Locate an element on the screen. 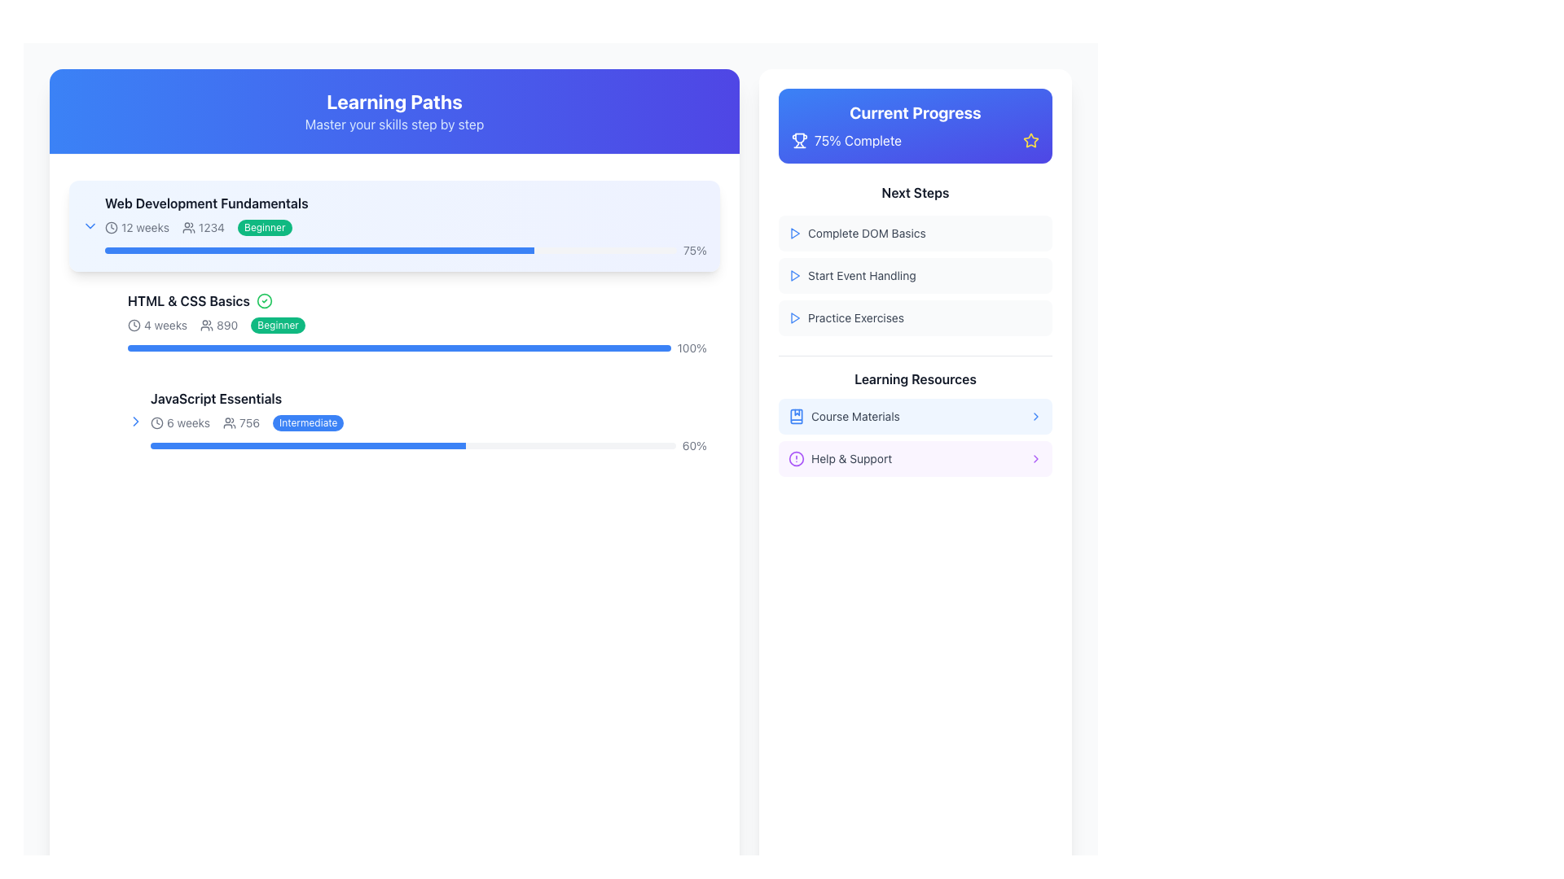 The image size is (1564, 879). the 'Course Materials' button located in the 'Learning Resources' section is located at coordinates (915, 436).